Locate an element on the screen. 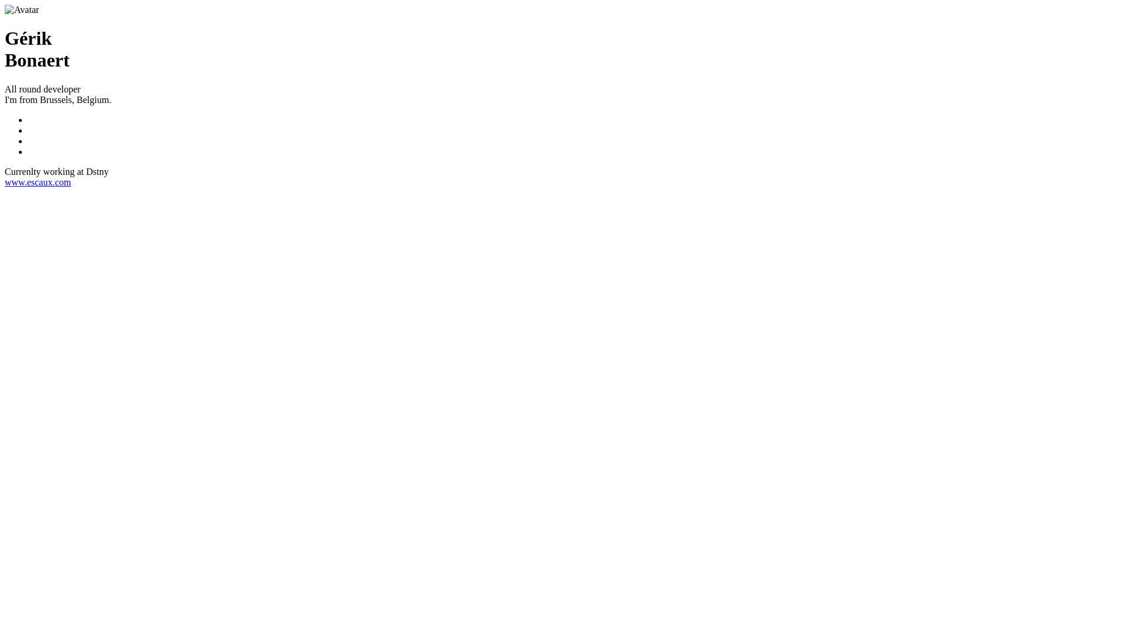  'www.escaux.com' is located at coordinates (38, 182).